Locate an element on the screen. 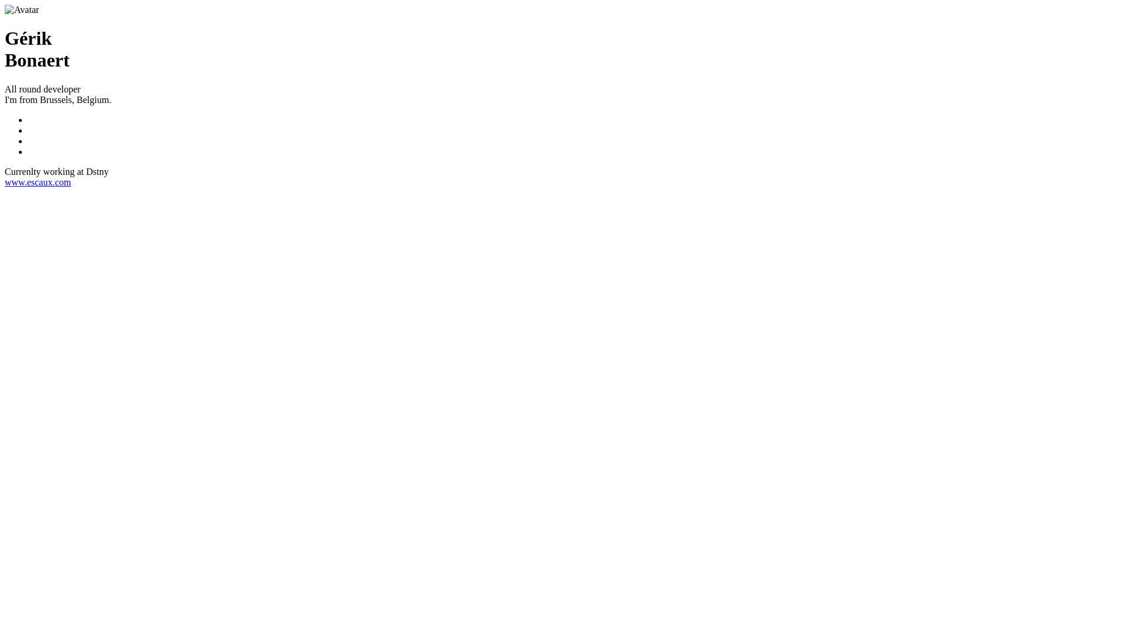  'www.escaux.com' is located at coordinates (38, 182).